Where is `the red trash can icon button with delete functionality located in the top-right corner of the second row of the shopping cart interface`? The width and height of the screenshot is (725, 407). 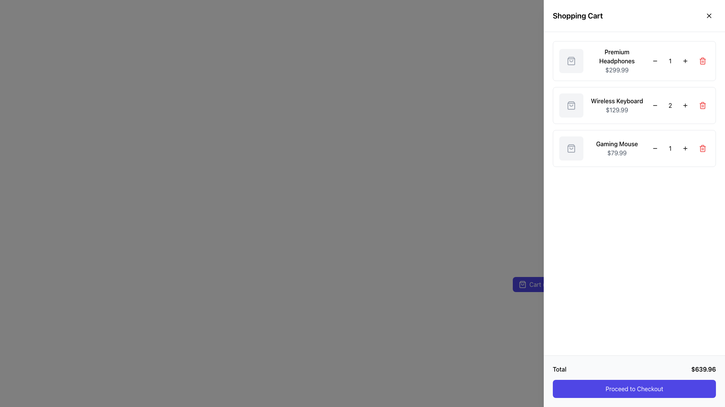 the red trash can icon button with delete functionality located in the top-right corner of the second row of the shopping cart interface is located at coordinates (702, 106).